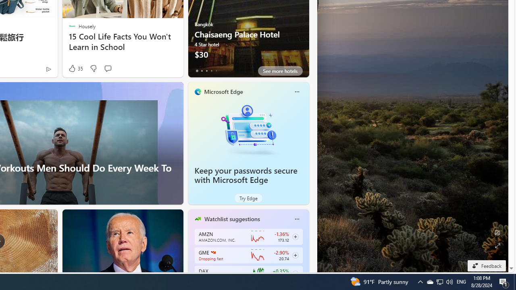  I want to click on 'Ad Choice', so click(48, 68).